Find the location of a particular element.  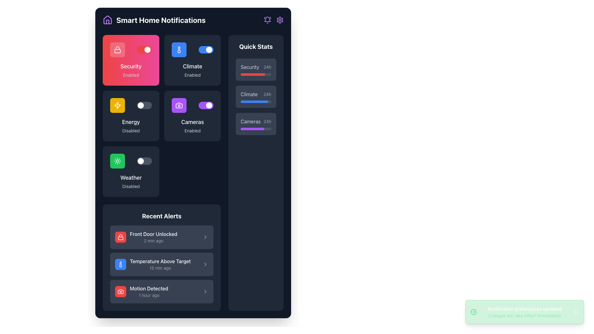

the first notification item in the 'Recent Alerts' list, which indicates 'Front Door Unlocked' is located at coordinates (145, 237).